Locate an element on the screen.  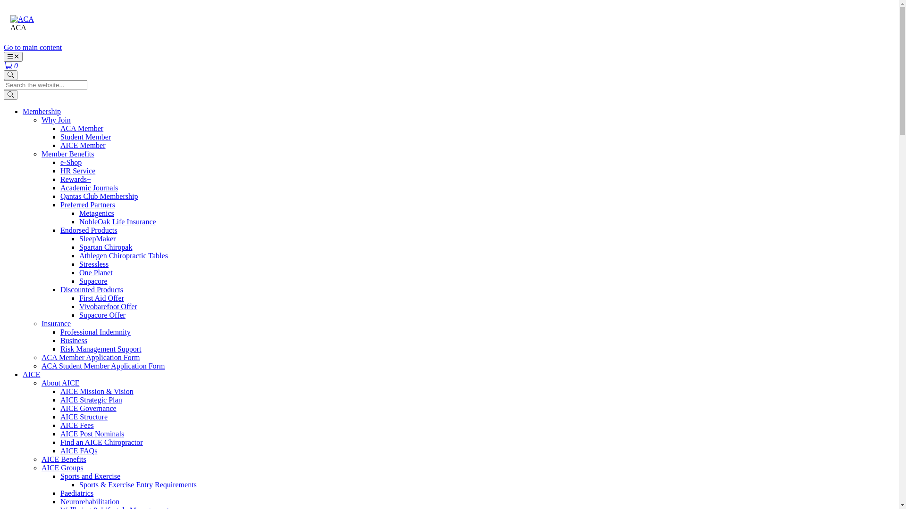
'Student Member' is located at coordinates (85, 137).